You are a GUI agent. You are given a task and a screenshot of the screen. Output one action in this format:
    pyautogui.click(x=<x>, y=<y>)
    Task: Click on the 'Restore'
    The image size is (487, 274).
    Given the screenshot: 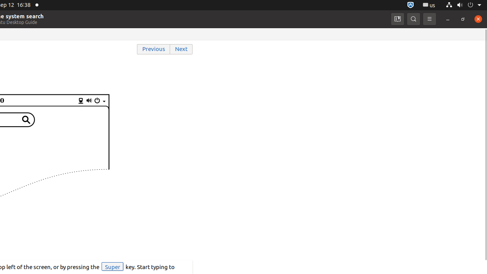 What is the action you would take?
    pyautogui.click(x=463, y=18)
    